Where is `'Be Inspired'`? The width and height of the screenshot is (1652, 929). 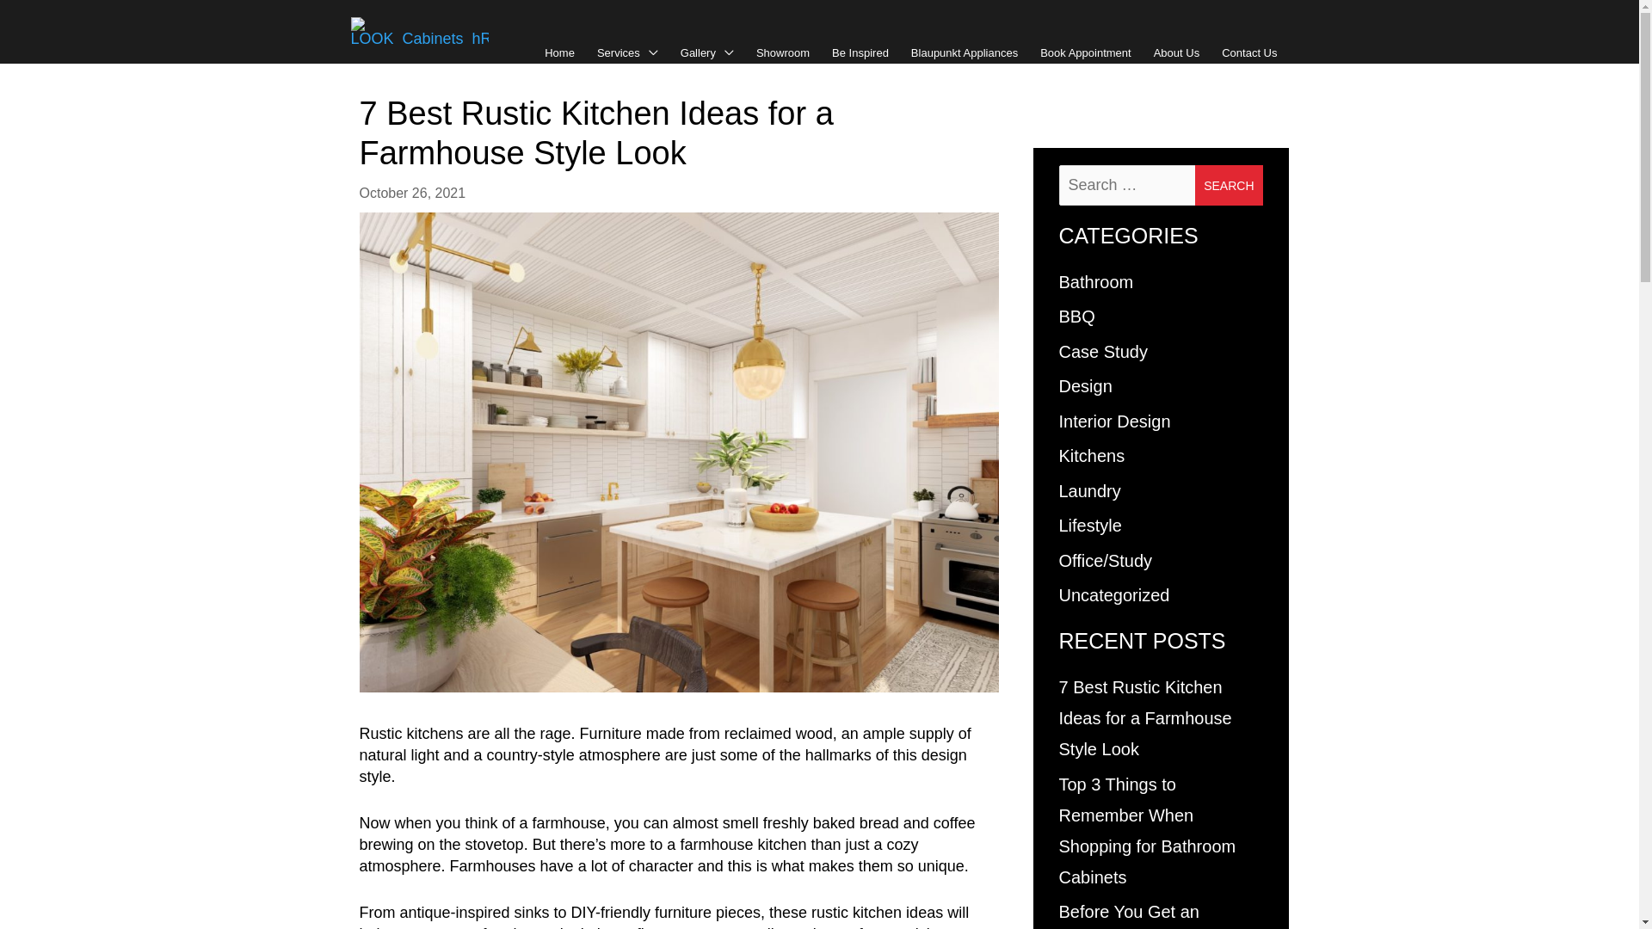
'Be Inspired' is located at coordinates (860, 52).